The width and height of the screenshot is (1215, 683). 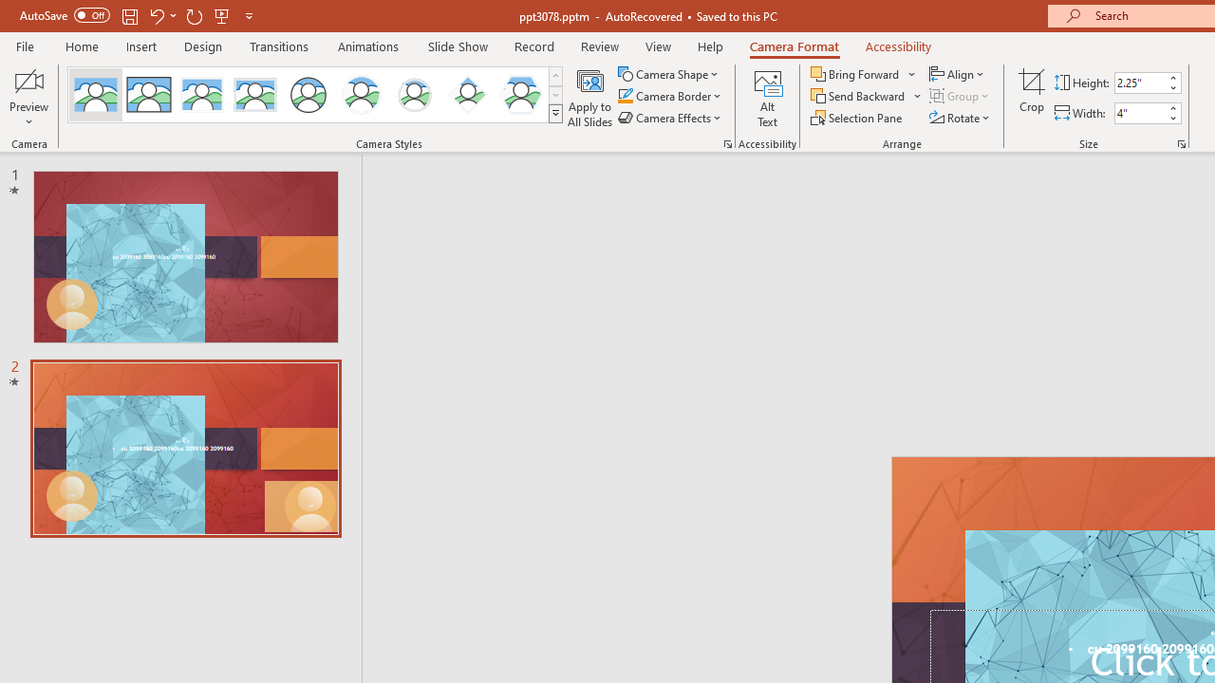 I want to click on 'Bring Forward', so click(x=863, y=73).